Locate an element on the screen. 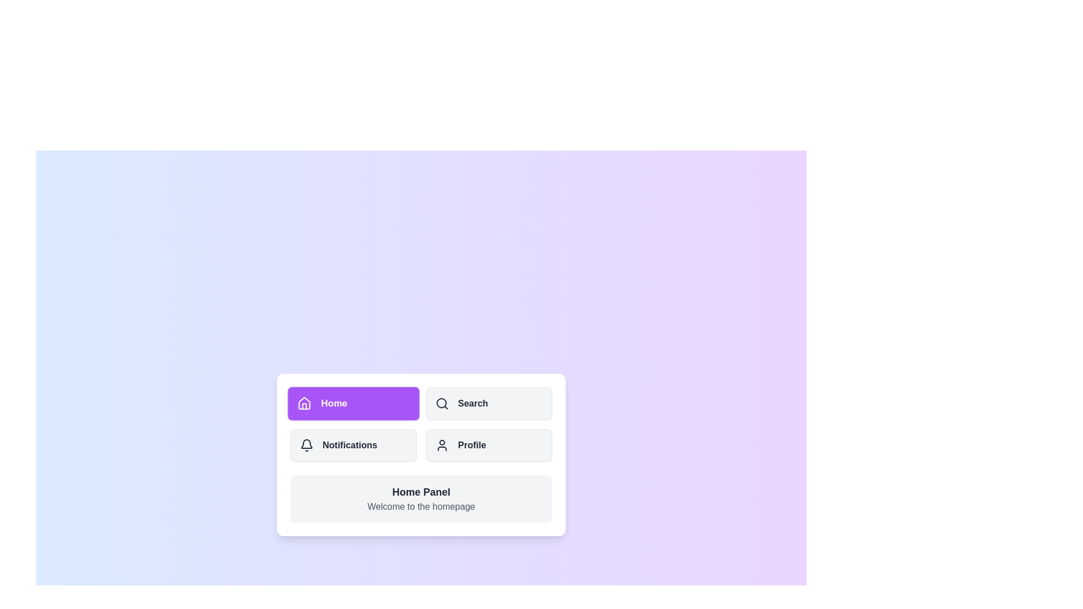  the Notifications tab in the navigation menu is located at coordinates (353, 445).